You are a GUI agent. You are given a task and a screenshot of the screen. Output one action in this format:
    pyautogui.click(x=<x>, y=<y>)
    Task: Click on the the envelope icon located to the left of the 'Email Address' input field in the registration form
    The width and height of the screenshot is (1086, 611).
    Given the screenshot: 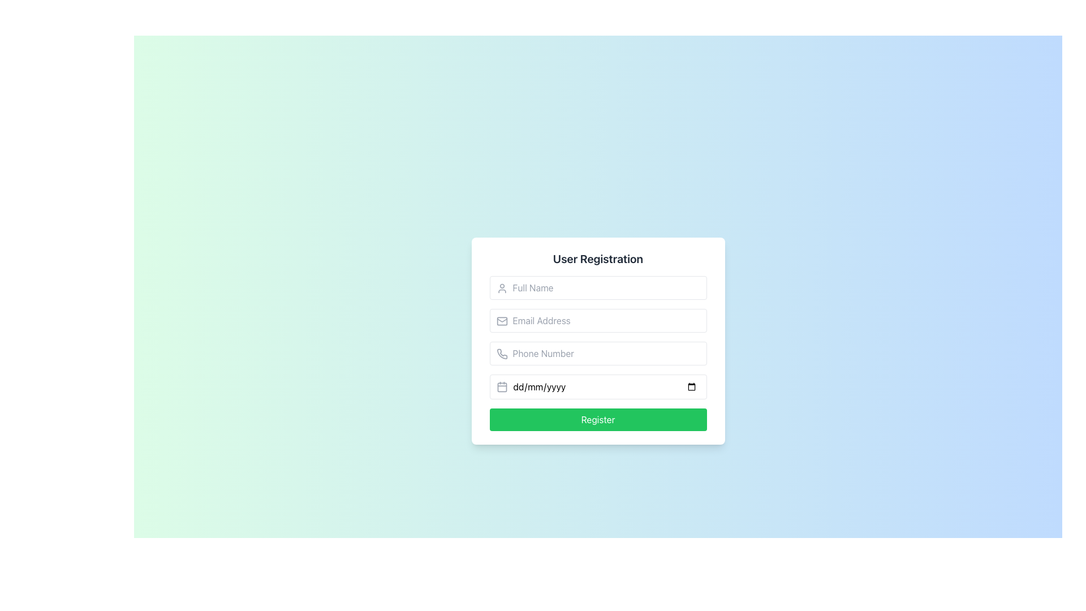 What is the action you would take?
    pyautogui.click(x=501, y=321)
    